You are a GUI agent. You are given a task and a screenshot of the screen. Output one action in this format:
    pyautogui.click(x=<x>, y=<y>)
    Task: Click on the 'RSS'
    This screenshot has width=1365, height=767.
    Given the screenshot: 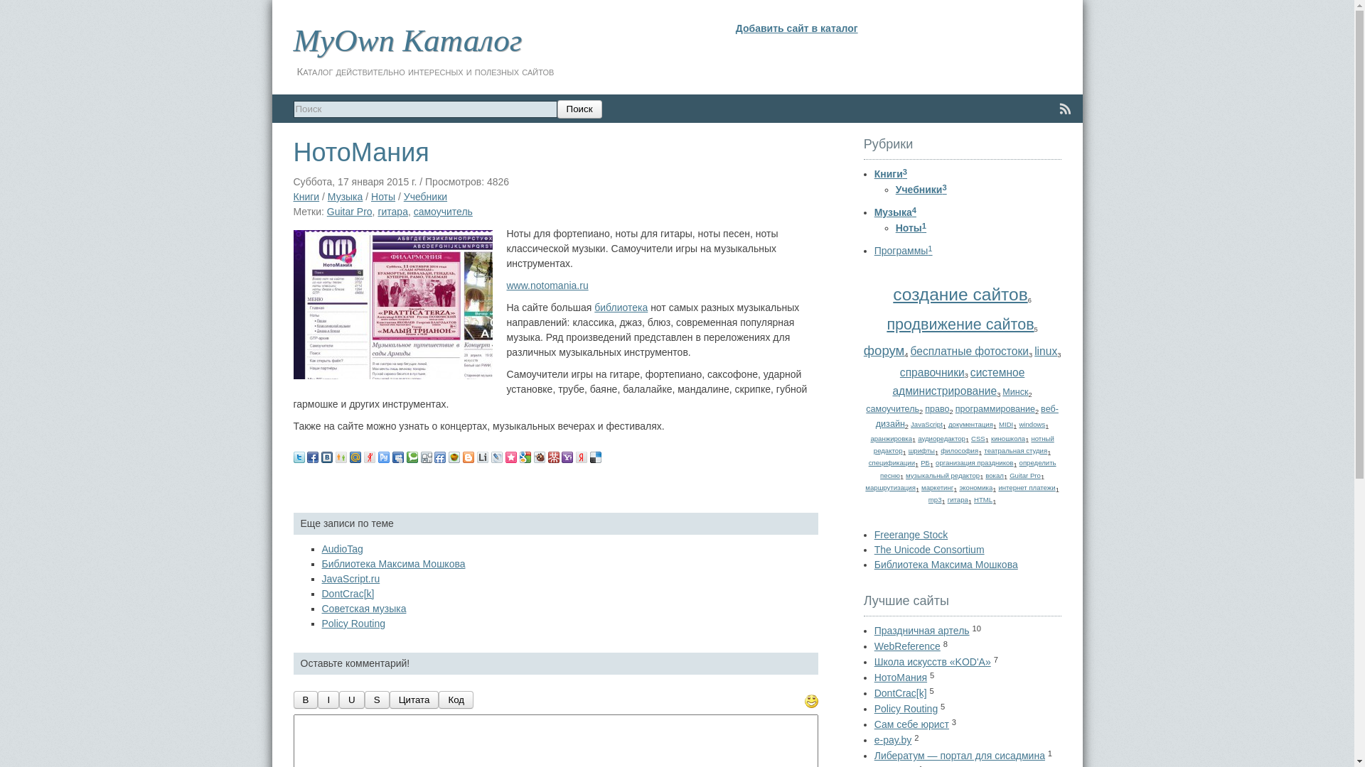 What is the action you would take?
    pyautogui.click(x=1055, y=108)
    